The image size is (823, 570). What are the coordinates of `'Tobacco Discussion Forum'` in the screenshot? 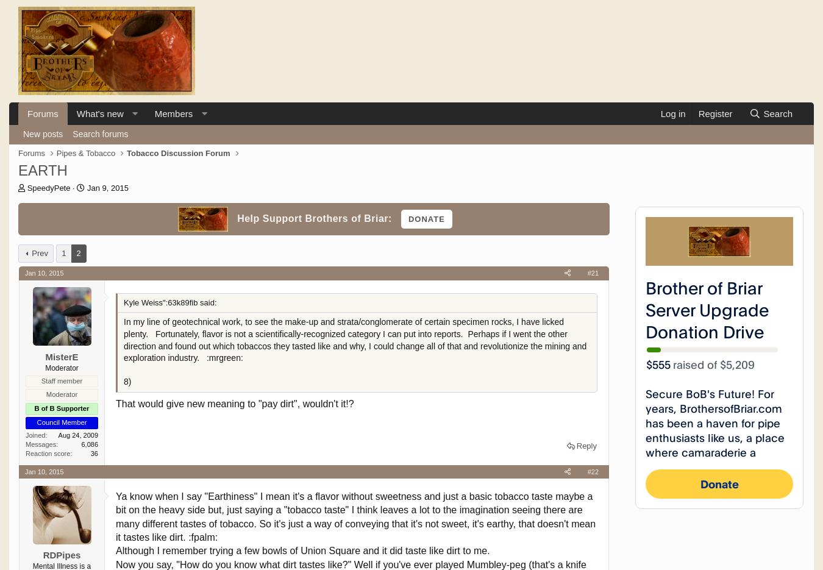 It's located at (177, 152).